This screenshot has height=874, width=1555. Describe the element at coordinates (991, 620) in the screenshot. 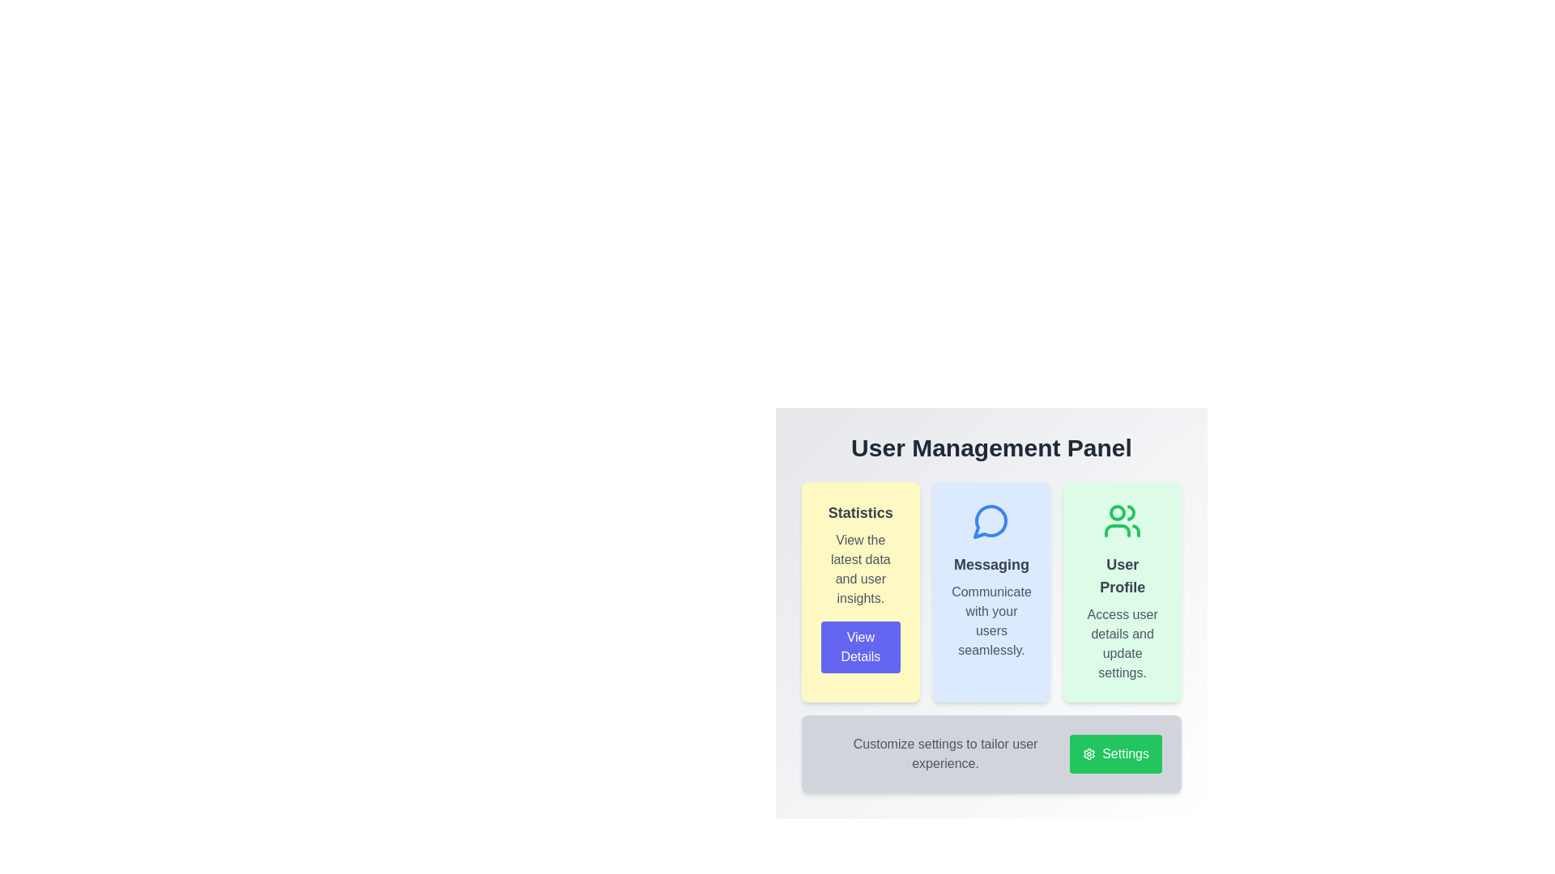

I see `the text label providing a brief description for the 'Messaging' feature, located below the 'Messaging' title within the 'Messaging' card` at that location.